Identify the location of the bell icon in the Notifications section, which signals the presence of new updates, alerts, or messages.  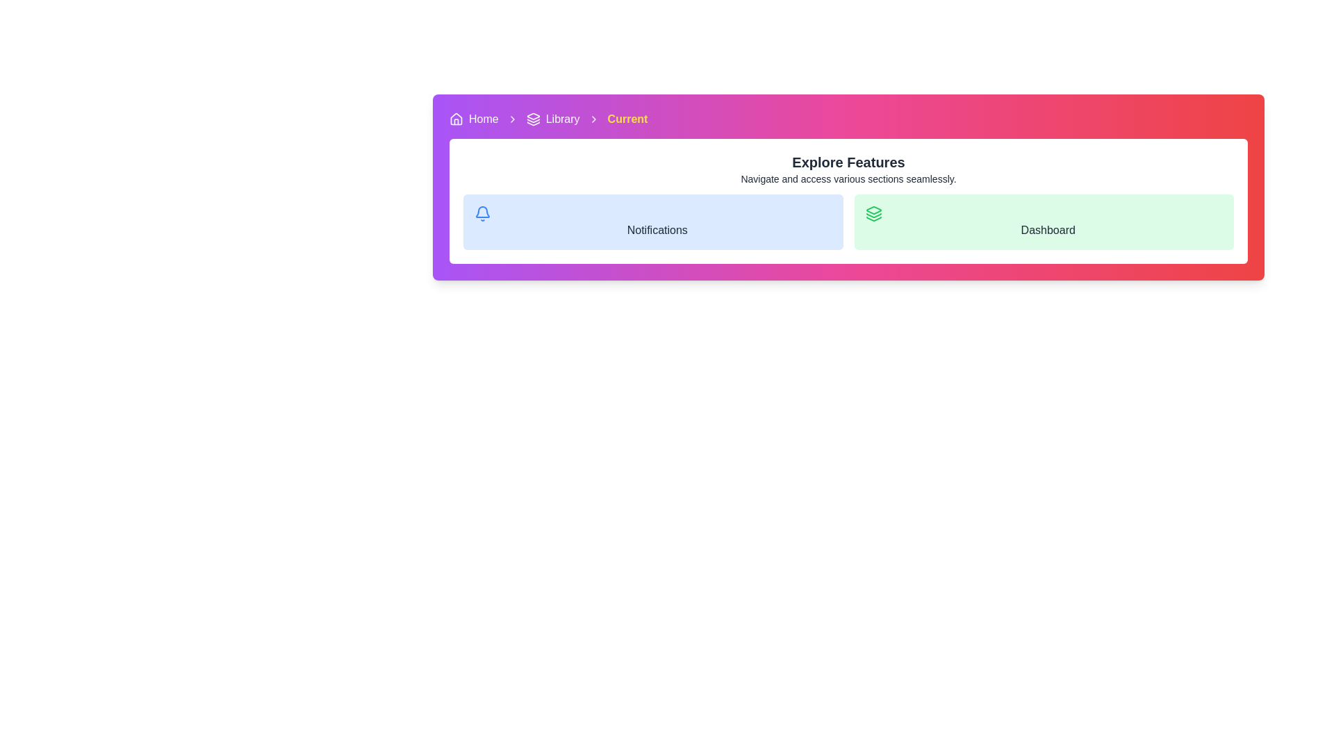
(483, 214).